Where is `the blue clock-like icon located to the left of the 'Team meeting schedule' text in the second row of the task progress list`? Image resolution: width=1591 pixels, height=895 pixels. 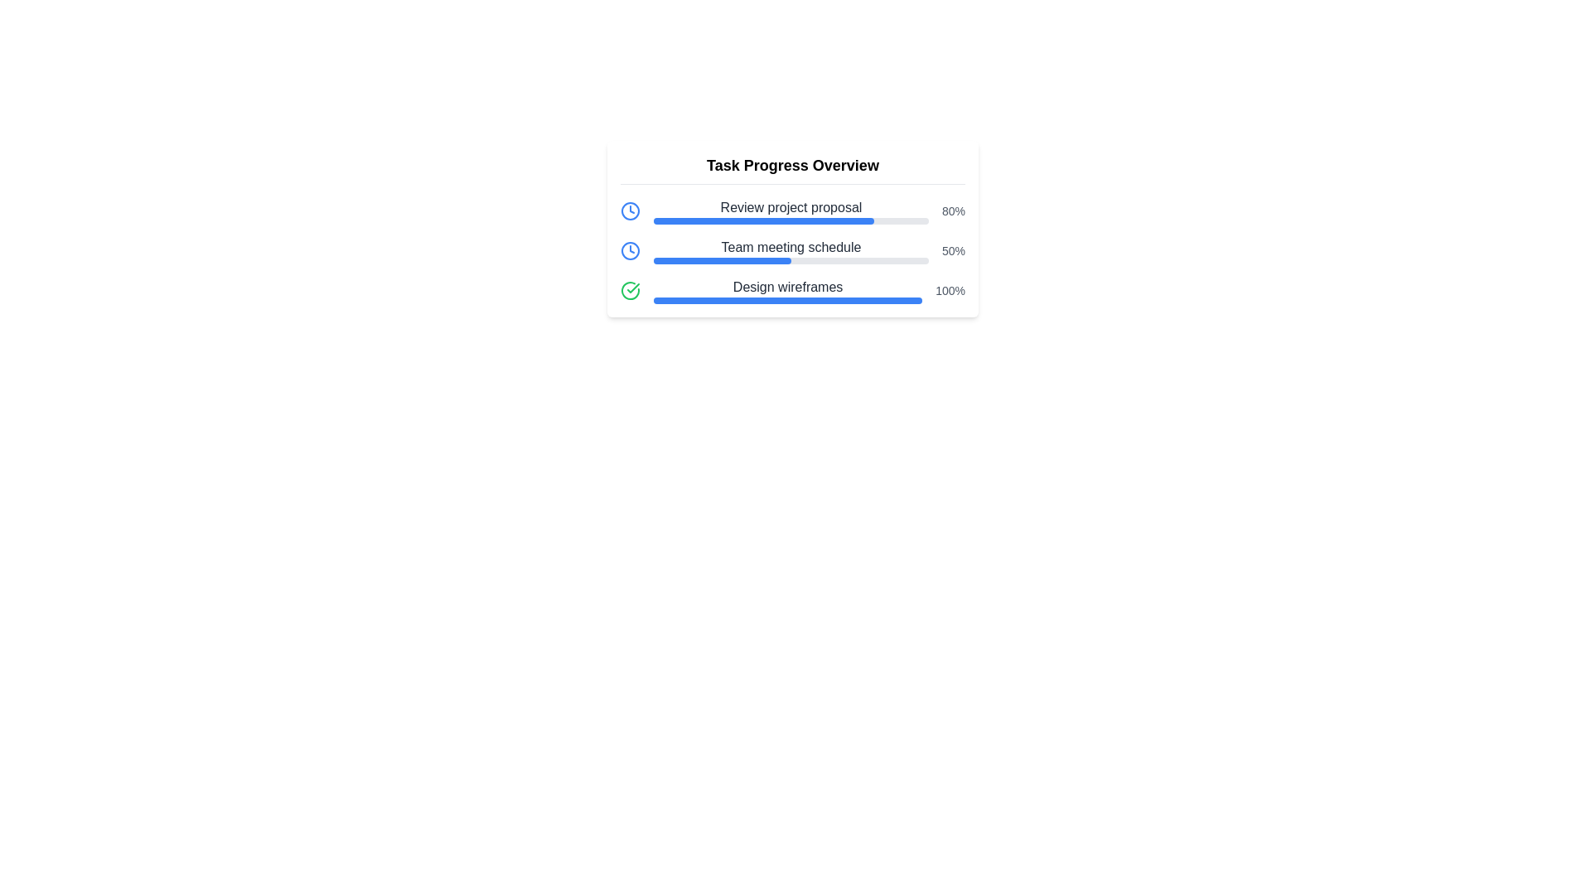
the blue clock-like icon located to the left of the 'Team meeting schedule' text in the second row of the task progress list is located at coordinates (630, 210).